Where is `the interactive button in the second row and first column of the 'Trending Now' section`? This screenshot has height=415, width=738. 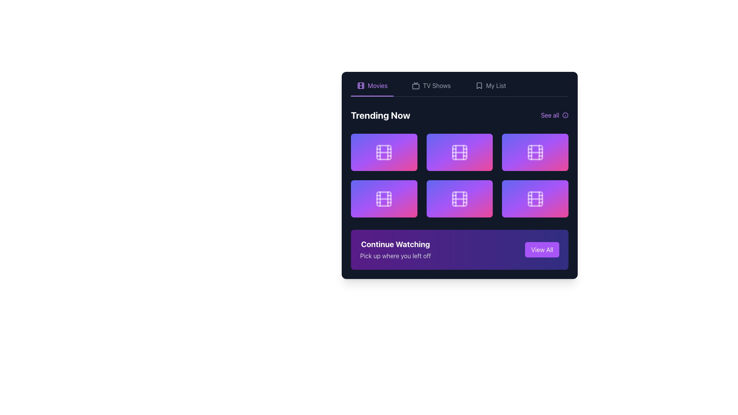 the interactive button in the second row and first column of the 'Trending Now' section is located at coordinates (384, 198).